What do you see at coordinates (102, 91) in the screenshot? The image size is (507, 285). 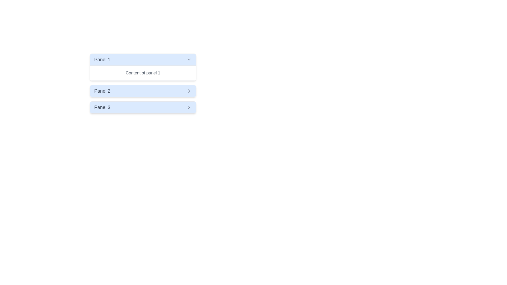 I see `the text label 'Panel 2'` at bounding box center [102, 91].